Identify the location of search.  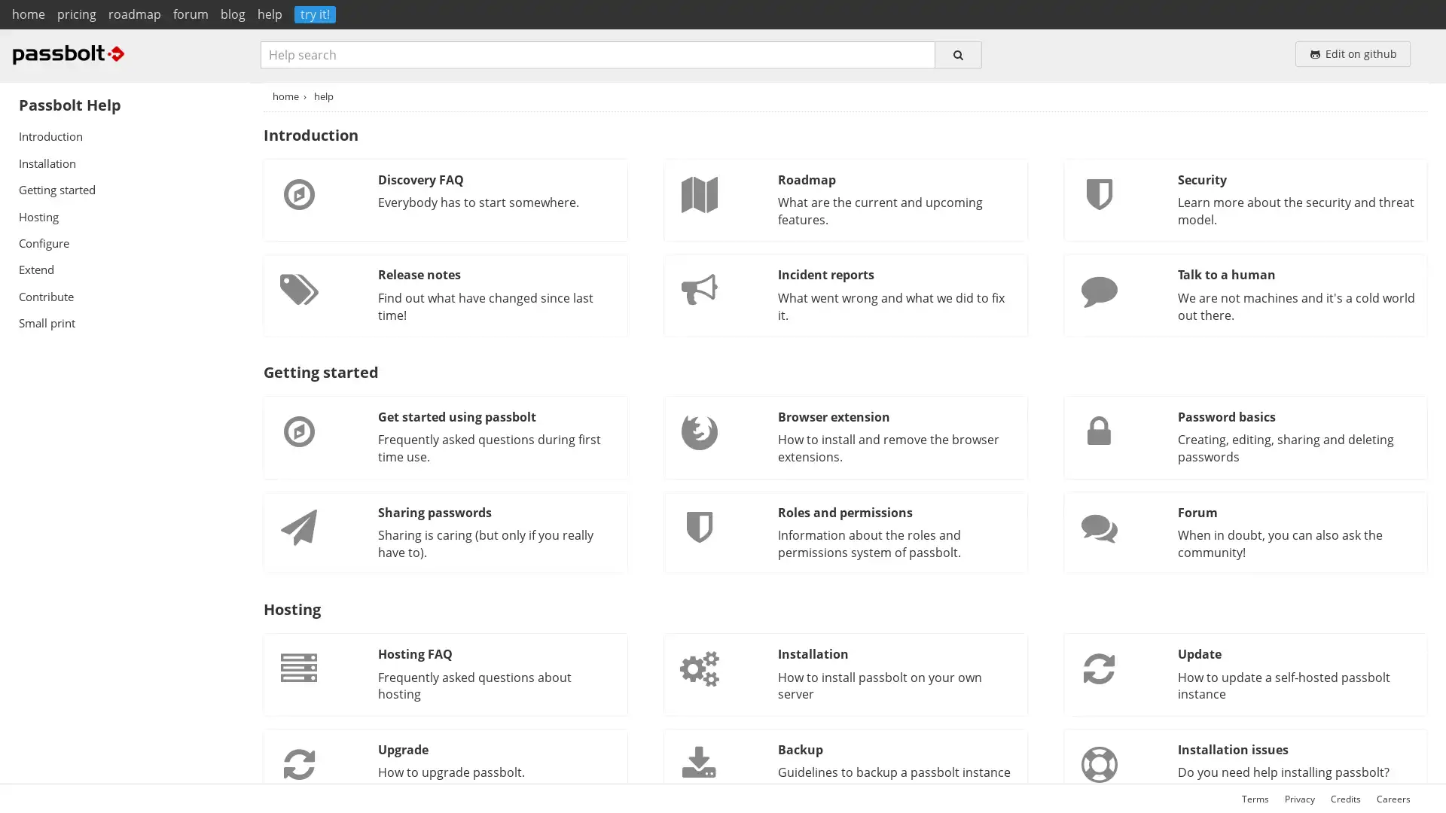
(957, 53).